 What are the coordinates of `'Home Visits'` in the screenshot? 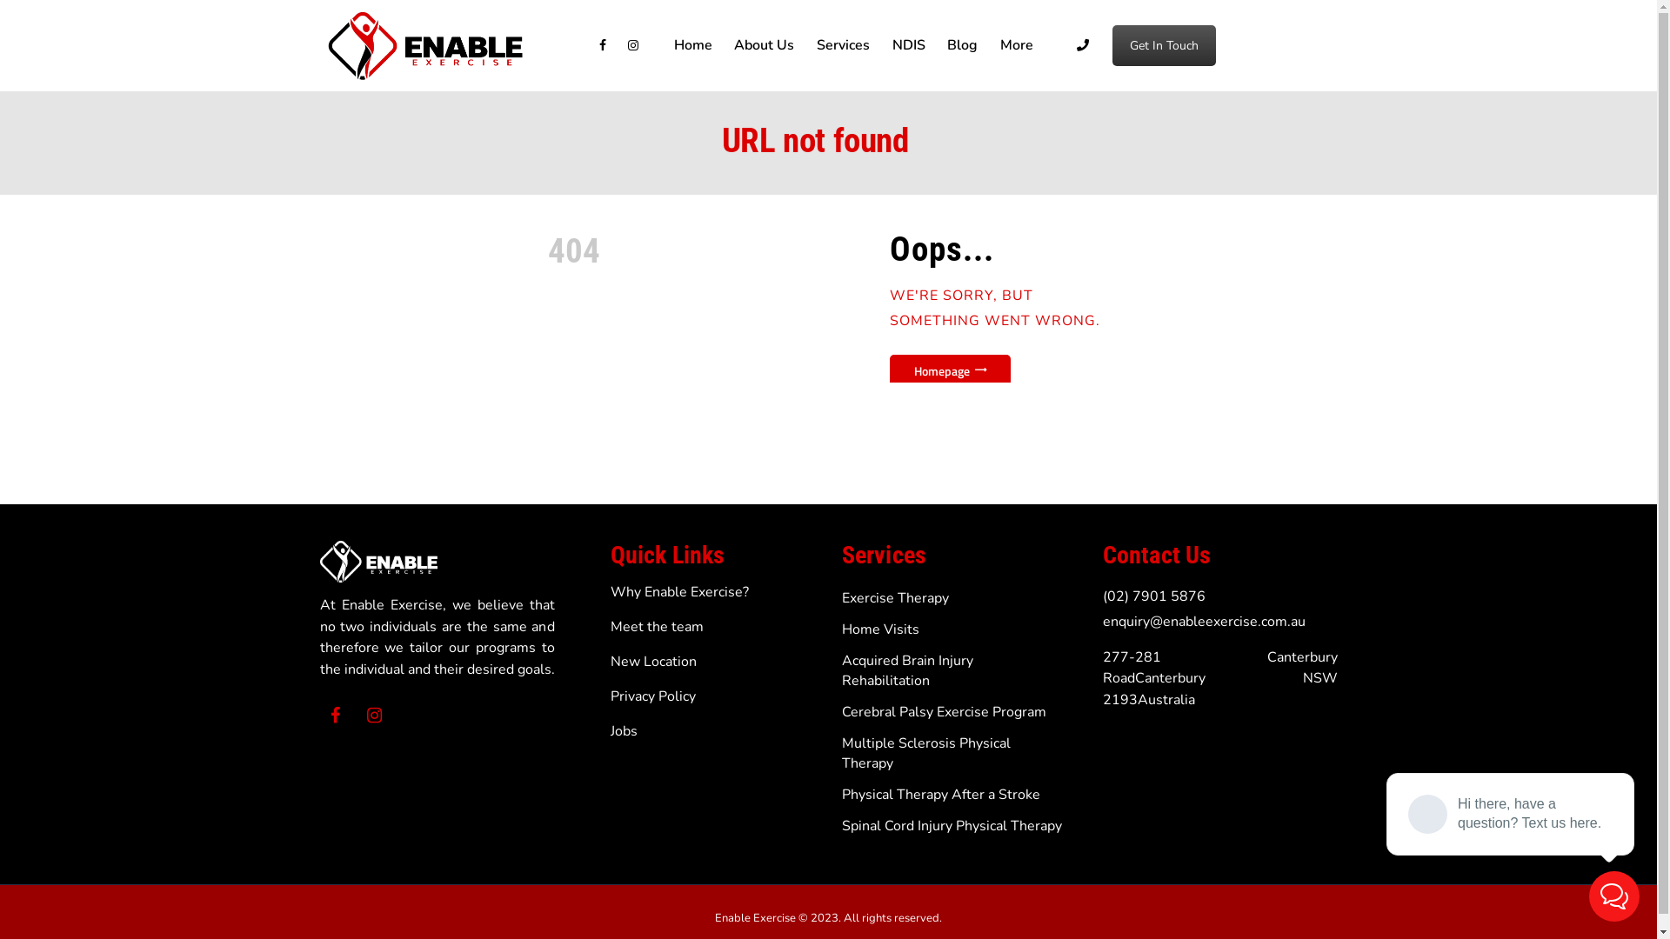 It's located at (880, 629).